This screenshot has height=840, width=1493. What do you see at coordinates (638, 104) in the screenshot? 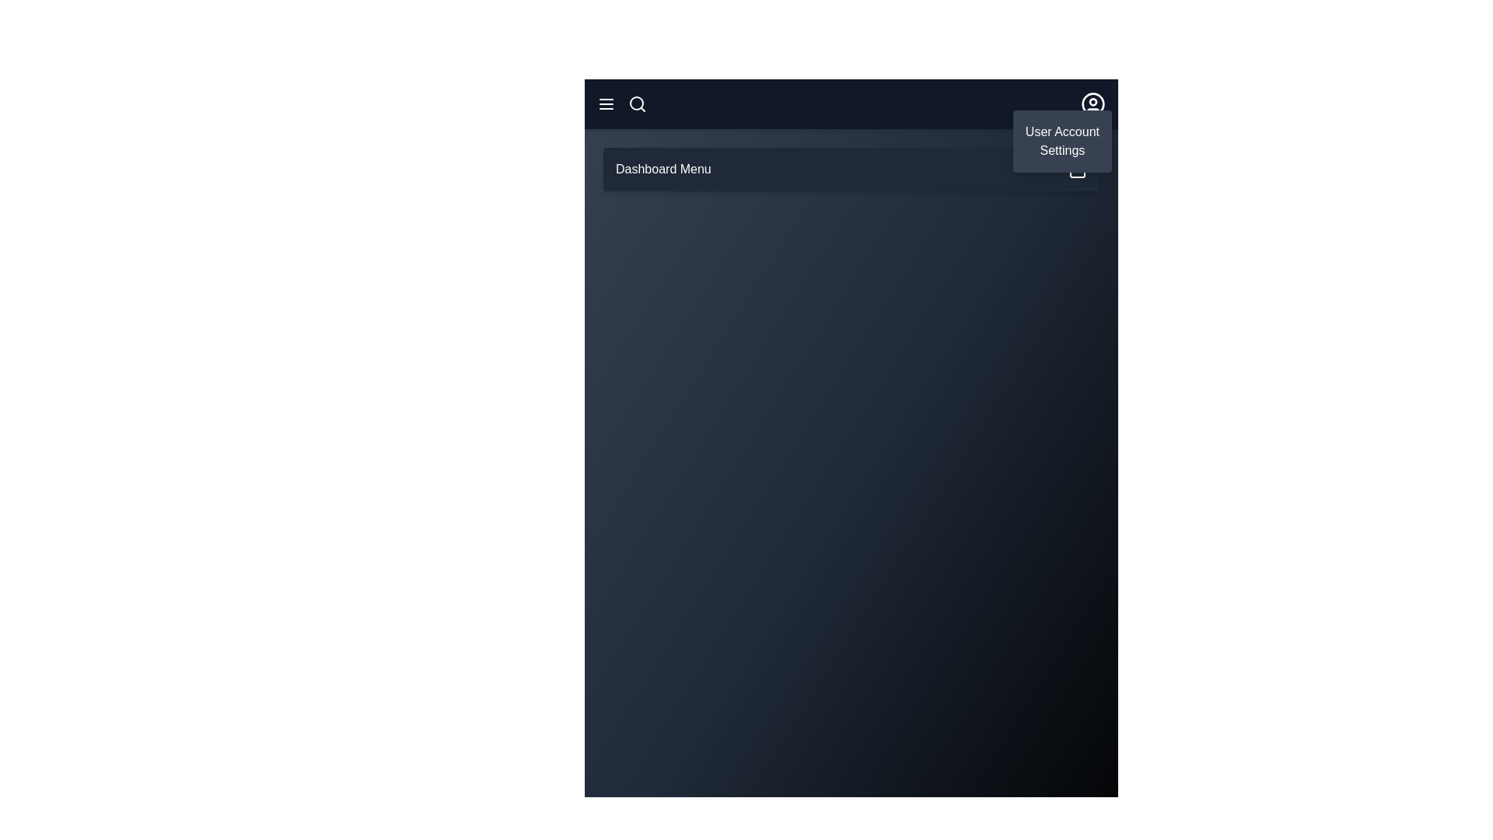
I see `the search icon to initiate a search` at bounding box center [638, 104].